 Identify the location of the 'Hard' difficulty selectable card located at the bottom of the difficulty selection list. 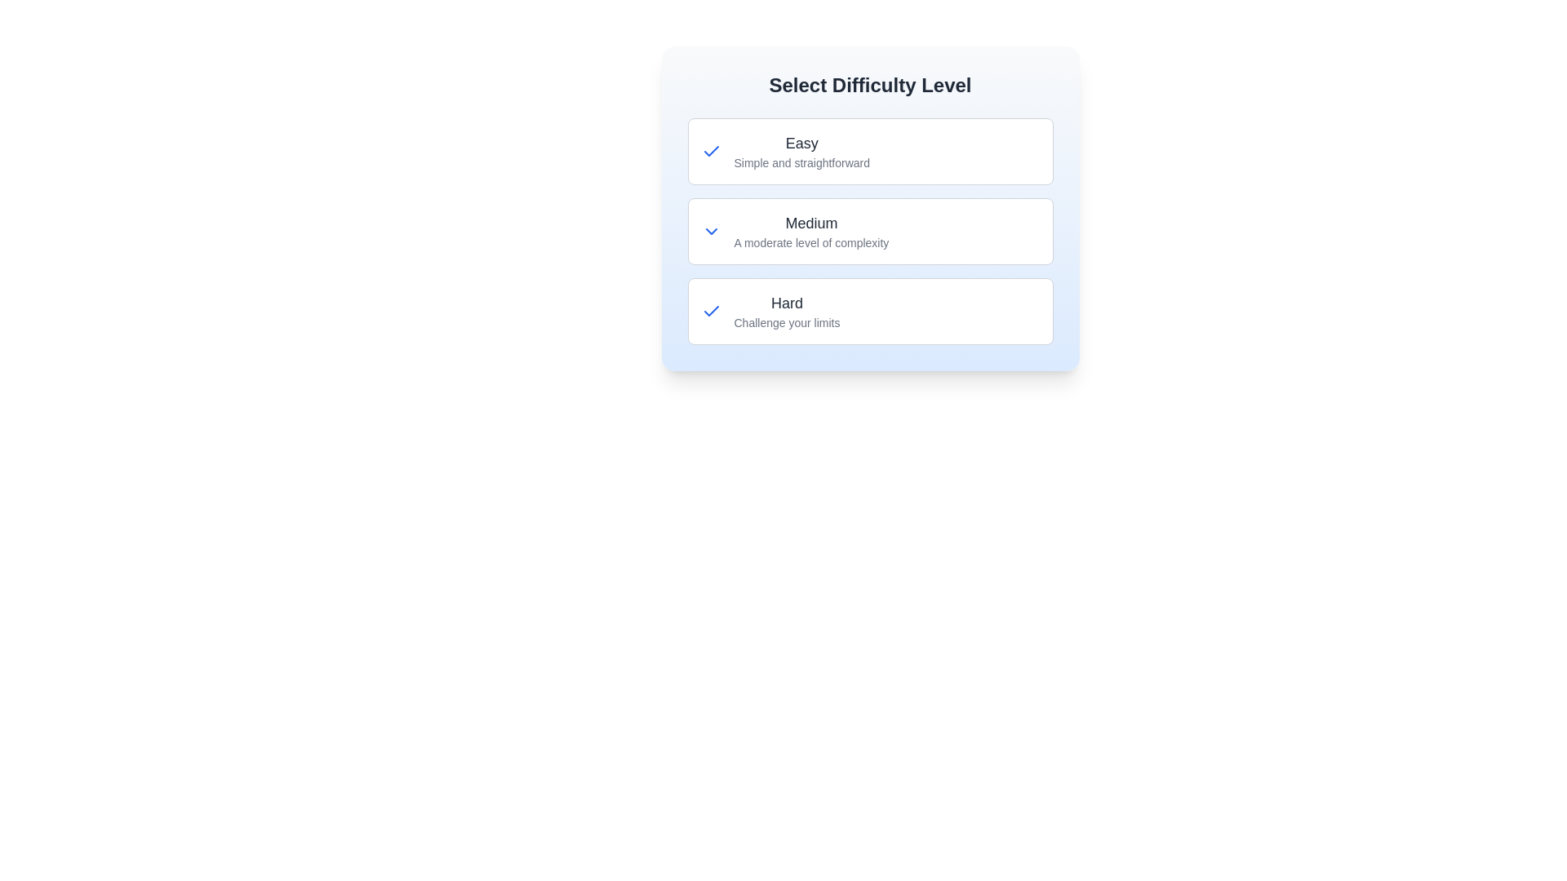
(869, 311).